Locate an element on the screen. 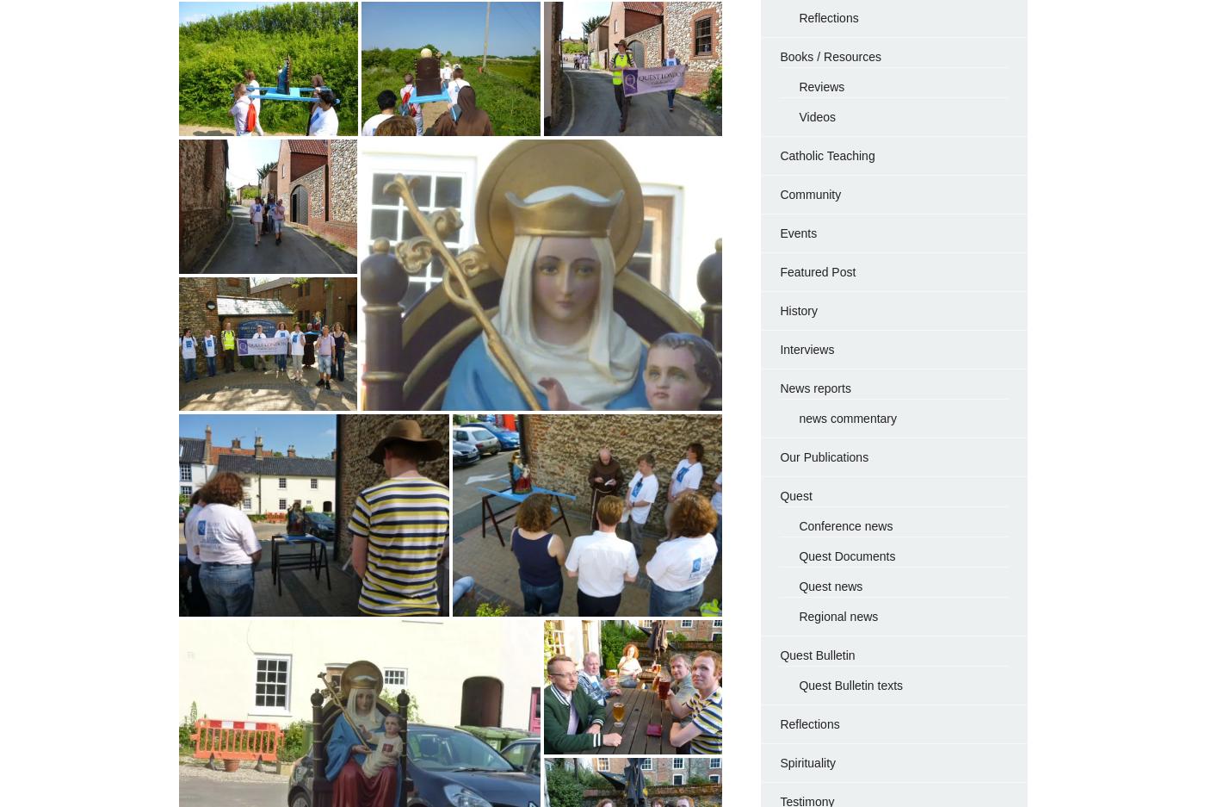 This screenshot has height=807, width=1205. 'Spirituality' is located at coordinates (779, 760).